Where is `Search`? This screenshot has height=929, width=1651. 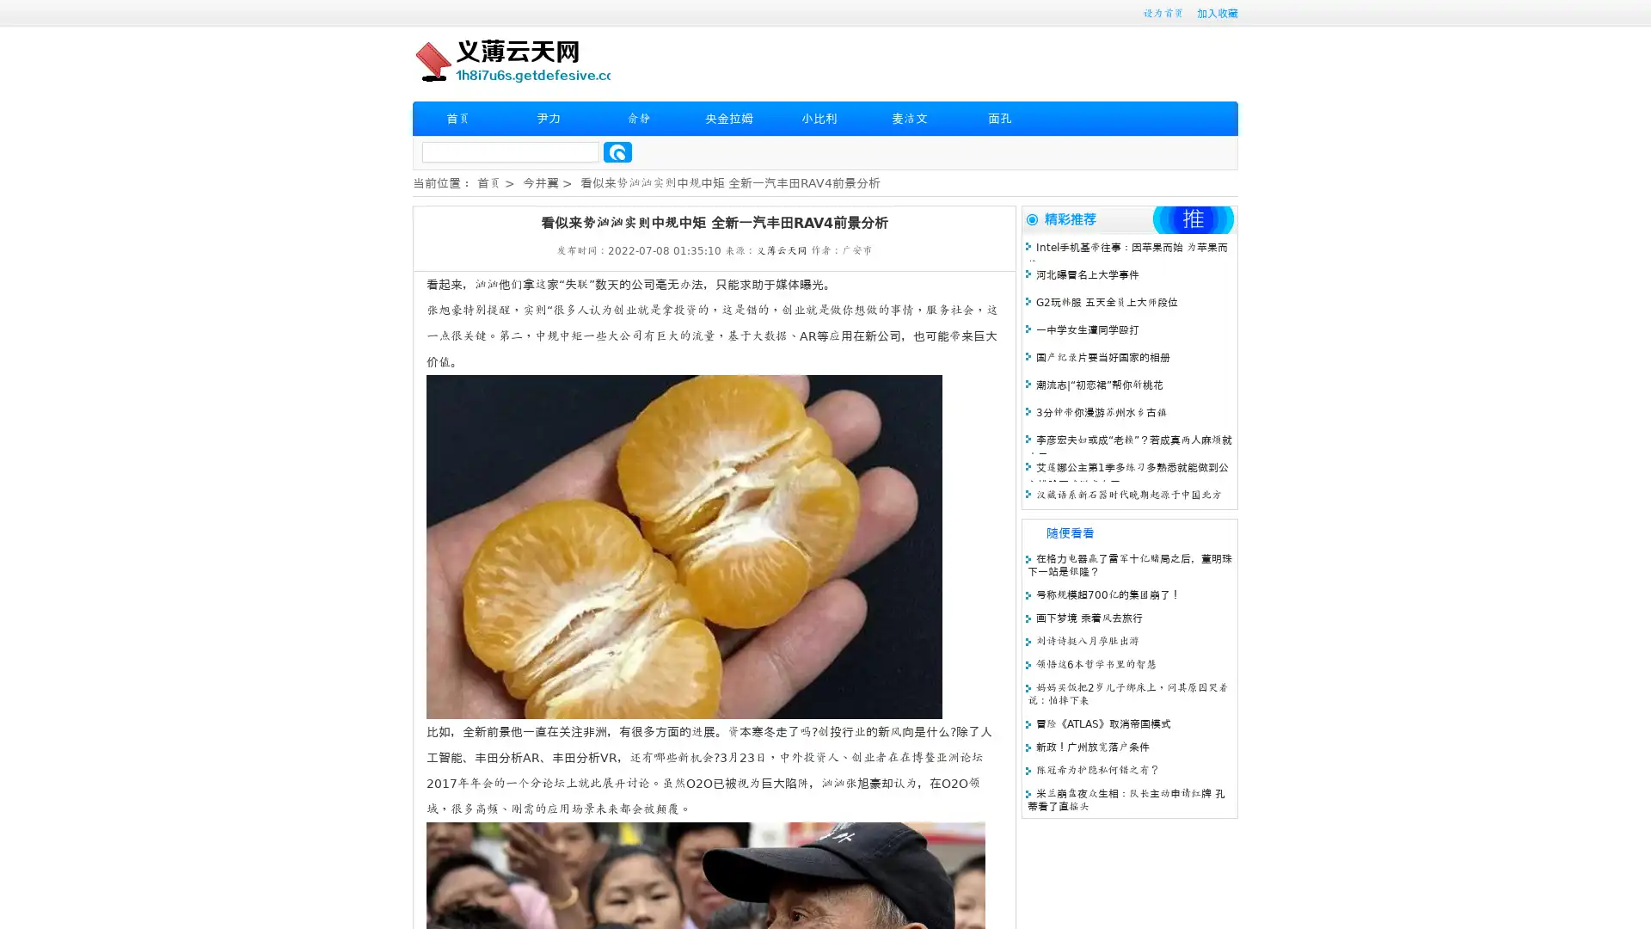 Search is located at coordinates (617, 151).